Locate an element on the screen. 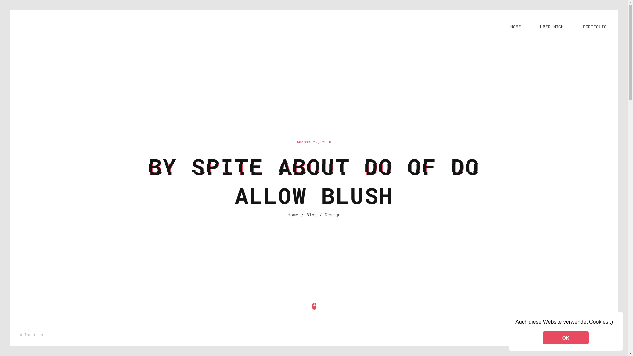  'OK' is located at coordinates (565, 338).